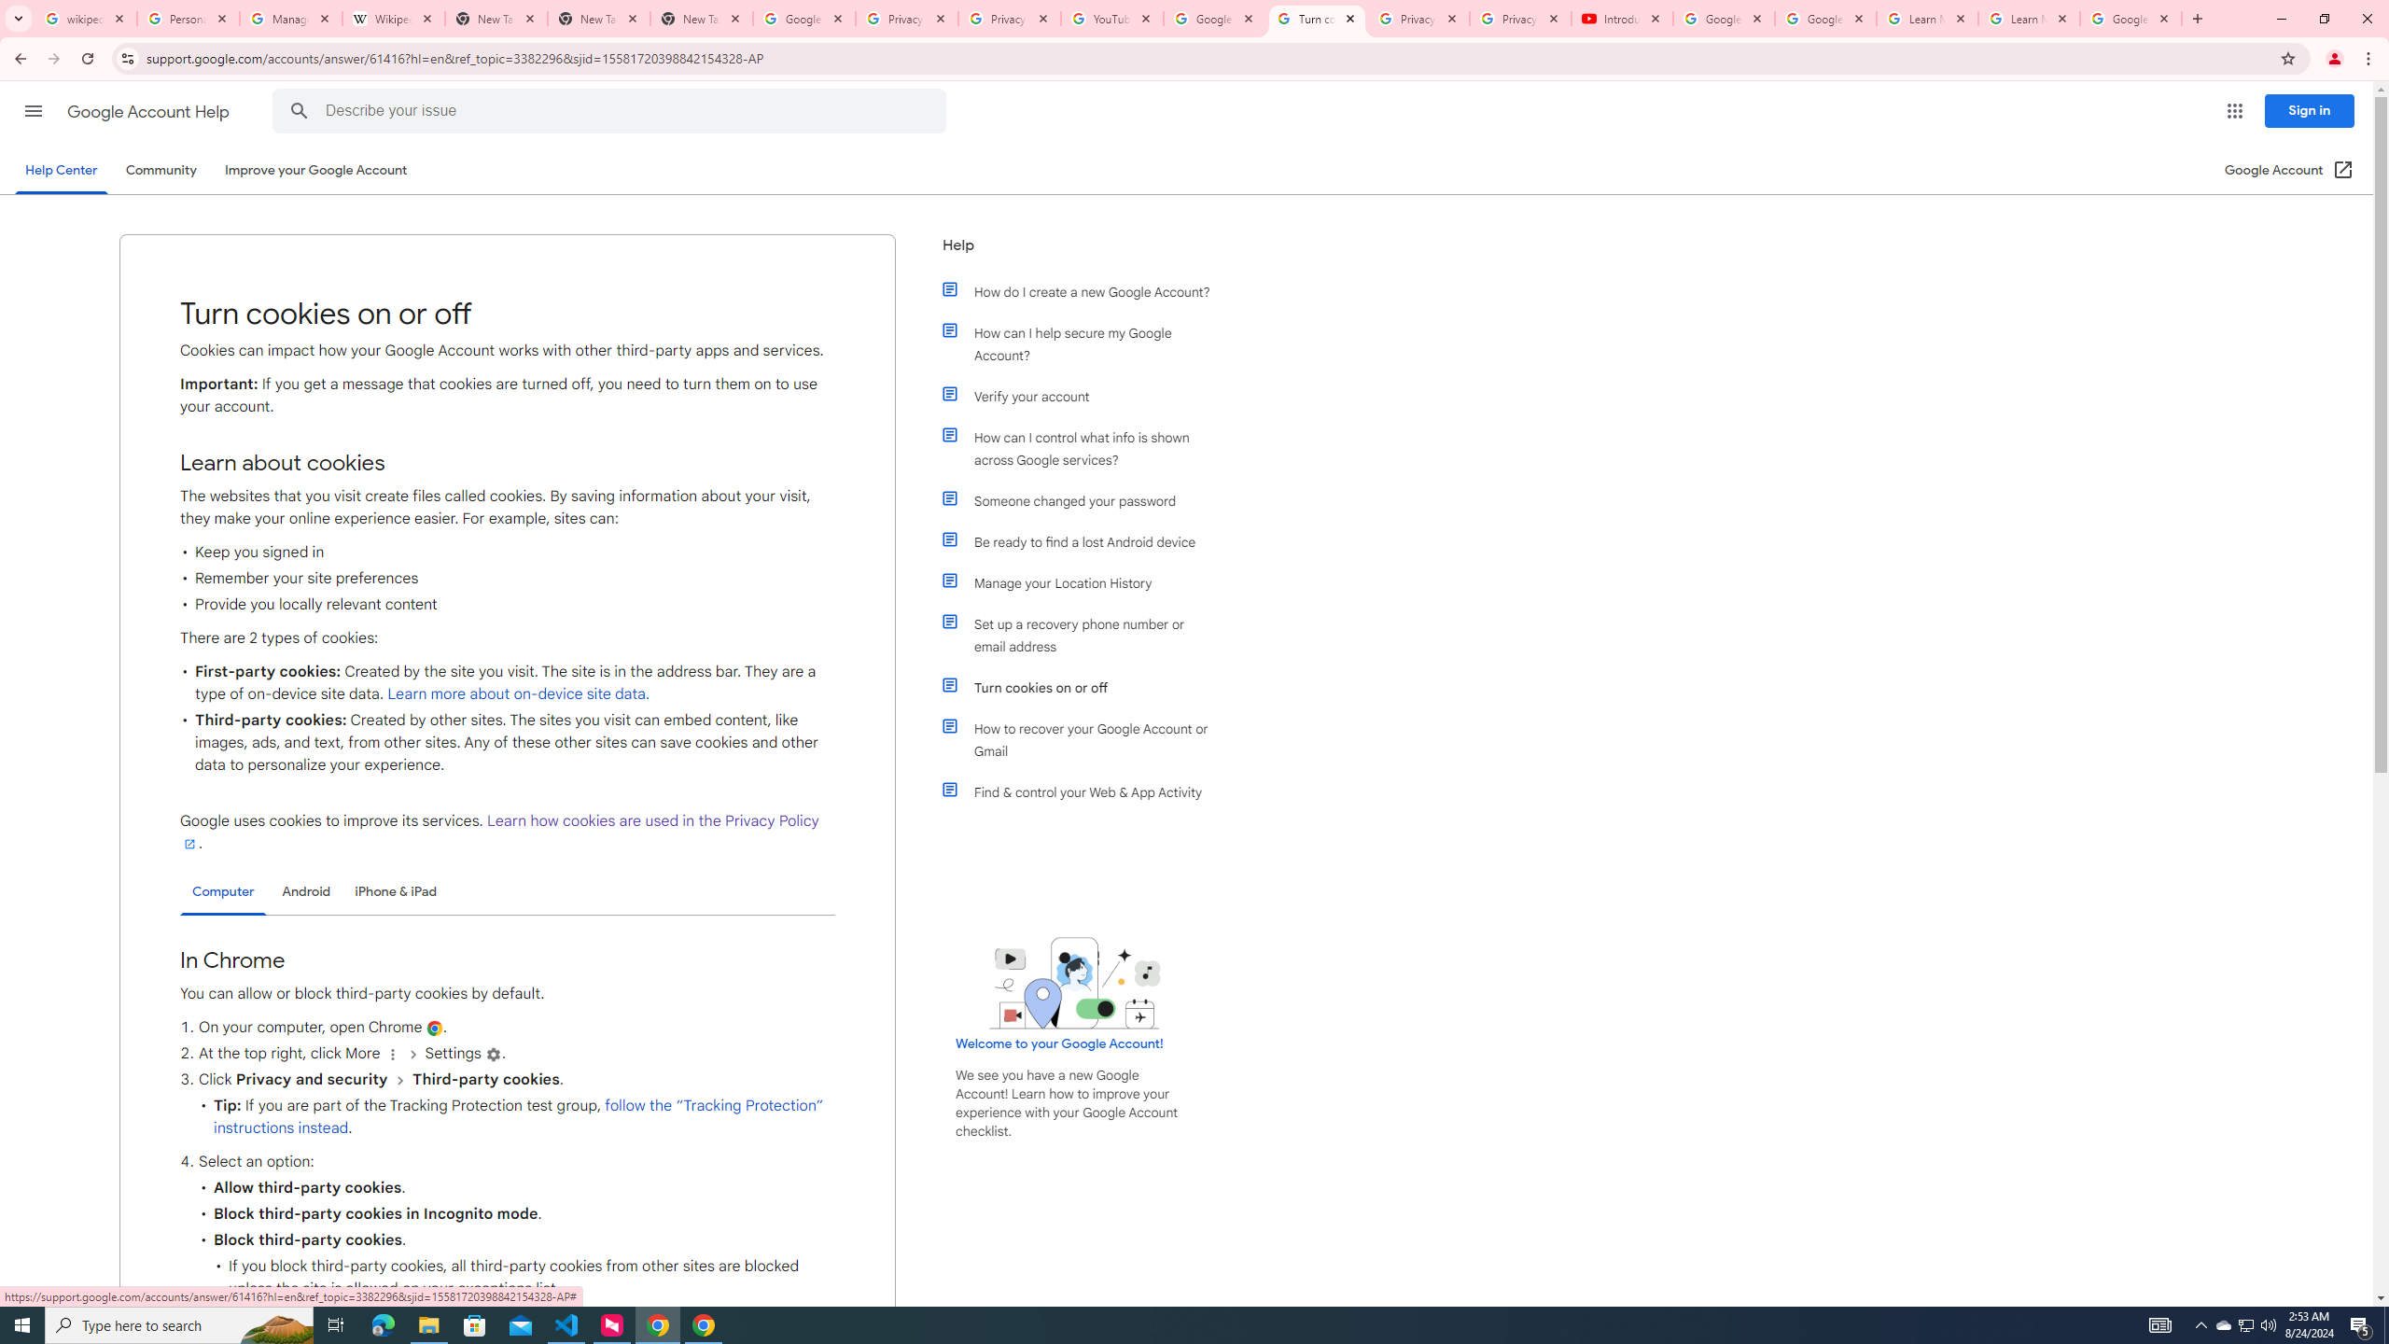 The image size is (2389, 1344). Describe the element at coordinates (1084, 396) in the screenshot. I see `'Verify your account'` at that location.